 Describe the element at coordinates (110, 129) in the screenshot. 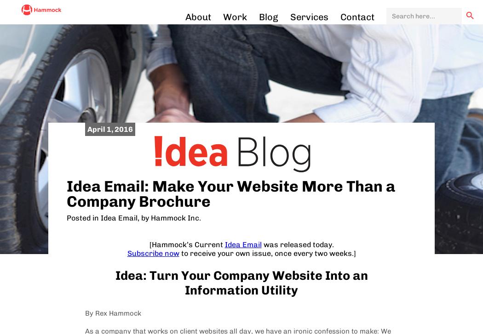

I see `'April 1, 2016'` at that location.